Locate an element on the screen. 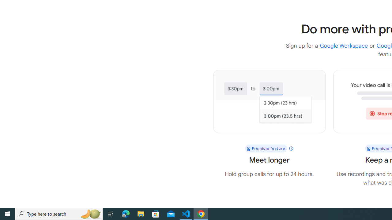  'UI shows extending a meeting to 23.5 hours' is located at coordinates (269, 101).